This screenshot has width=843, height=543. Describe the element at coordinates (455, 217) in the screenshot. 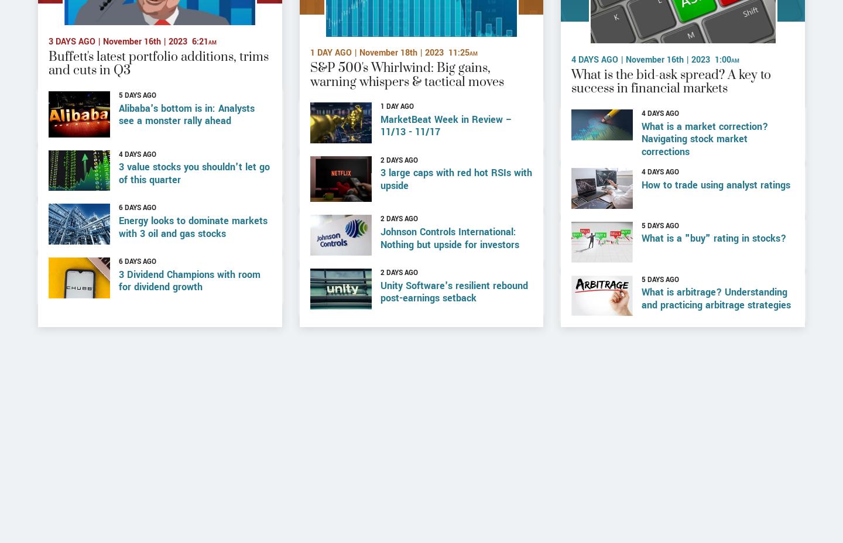

I see `'3 large caps with red hot RSIs with upside'` at that location.